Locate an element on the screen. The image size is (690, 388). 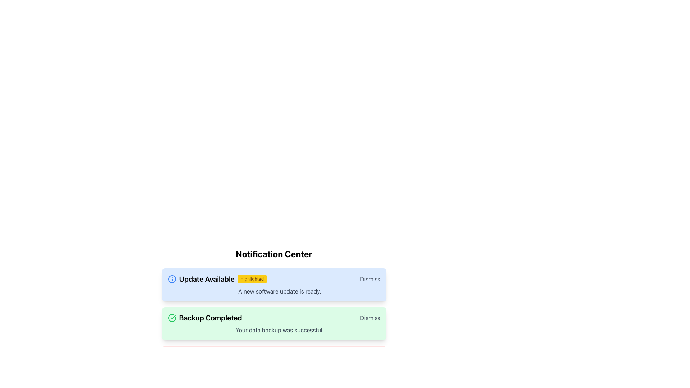
the green circle with a checkmark icon located in the middle of the second notification card titled 'Backup Completed.' is located at coordinates (171, 317).